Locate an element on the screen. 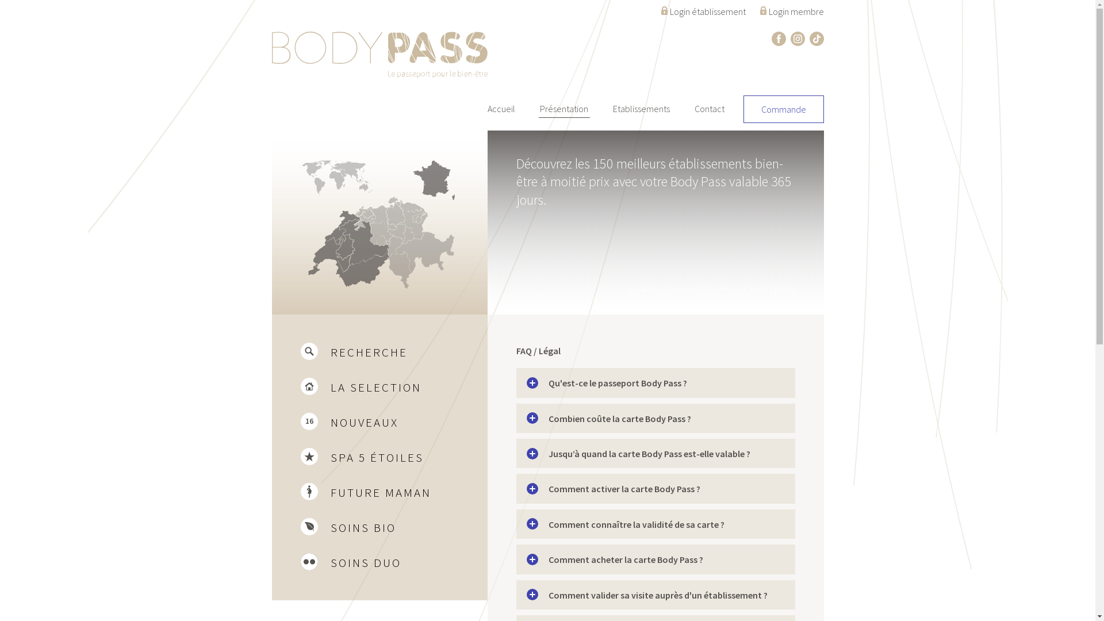 The height and width of the screenshot is (621, 1104). 'Contact' is located at coordinates (708, 109).